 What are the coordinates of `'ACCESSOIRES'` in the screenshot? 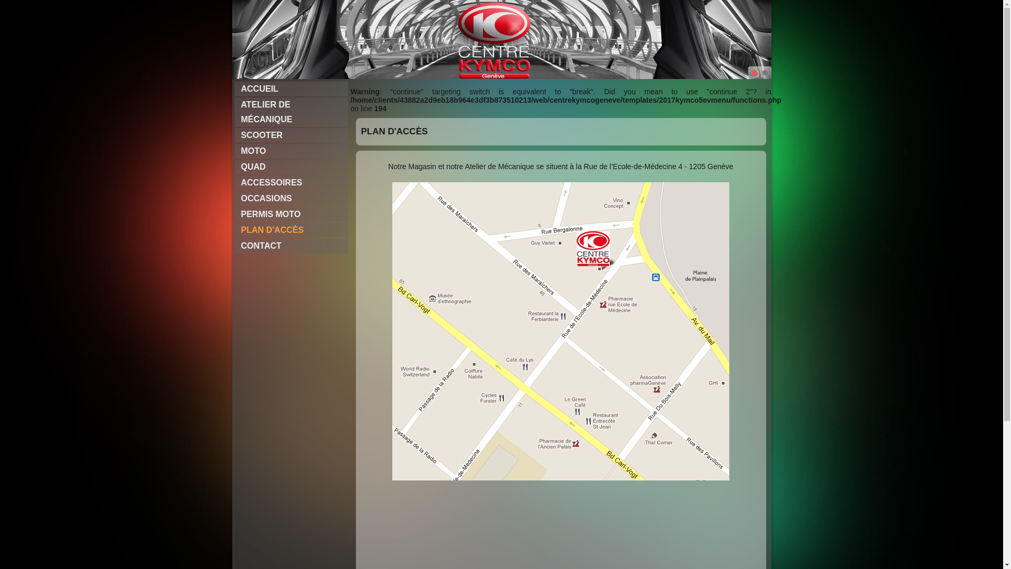 It's located at (291, 182).